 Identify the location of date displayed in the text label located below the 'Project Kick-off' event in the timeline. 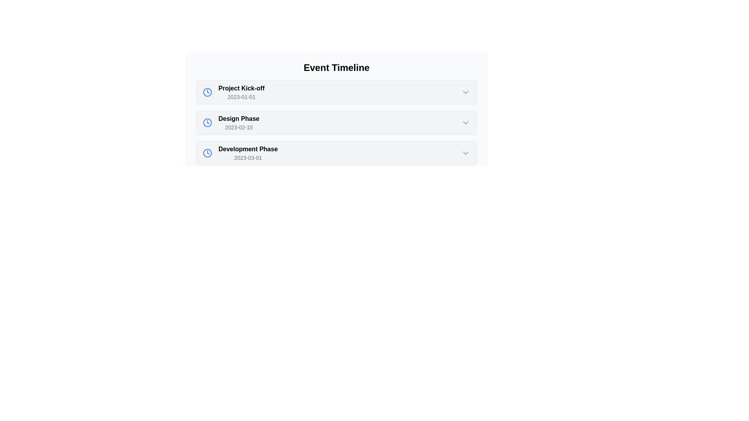
(241, 97).